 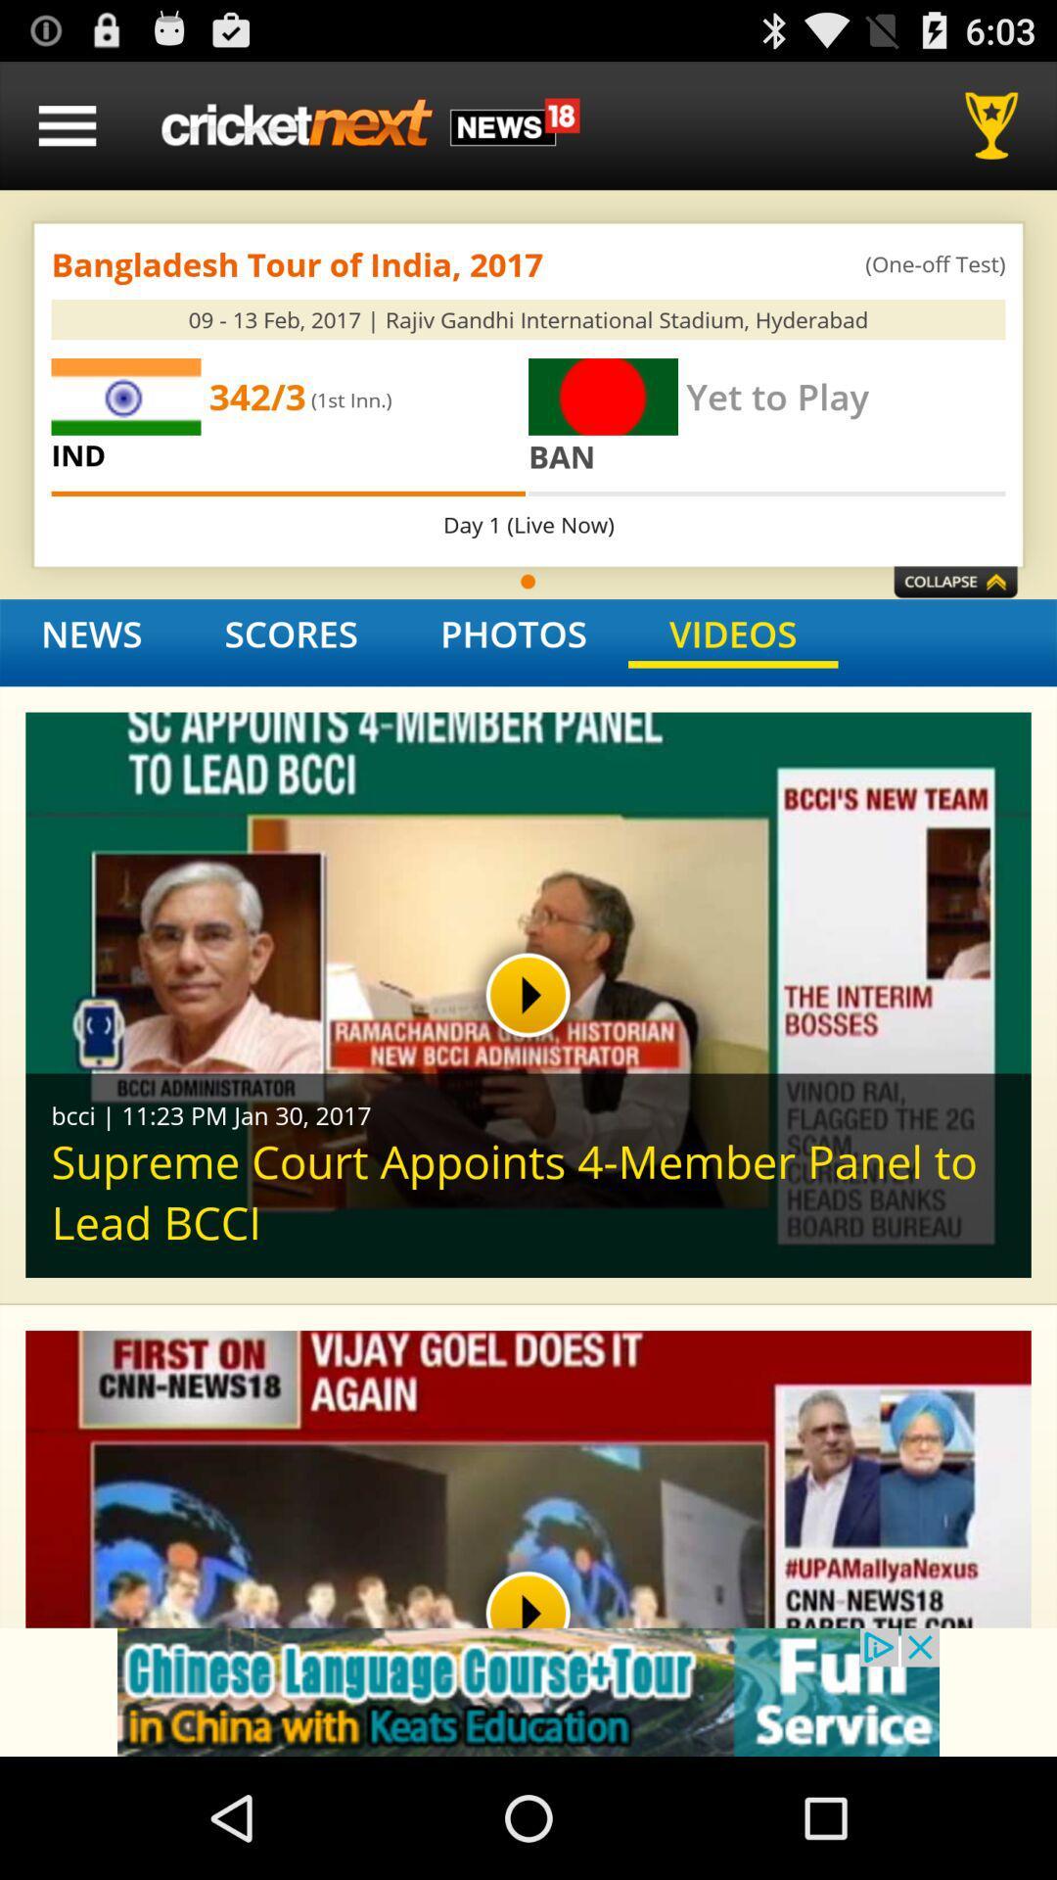 I want to click on champions list, so click(x=997, y=124).